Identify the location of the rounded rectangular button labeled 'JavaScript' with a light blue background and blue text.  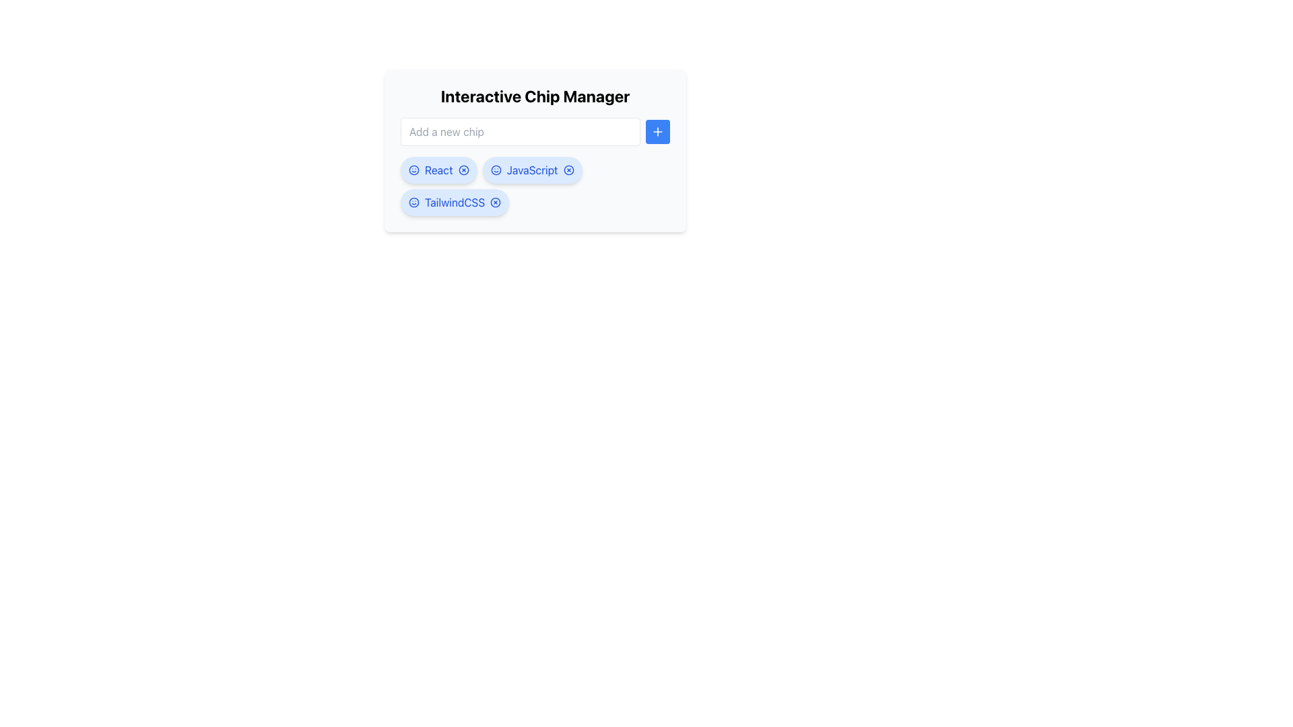
(531, 170).